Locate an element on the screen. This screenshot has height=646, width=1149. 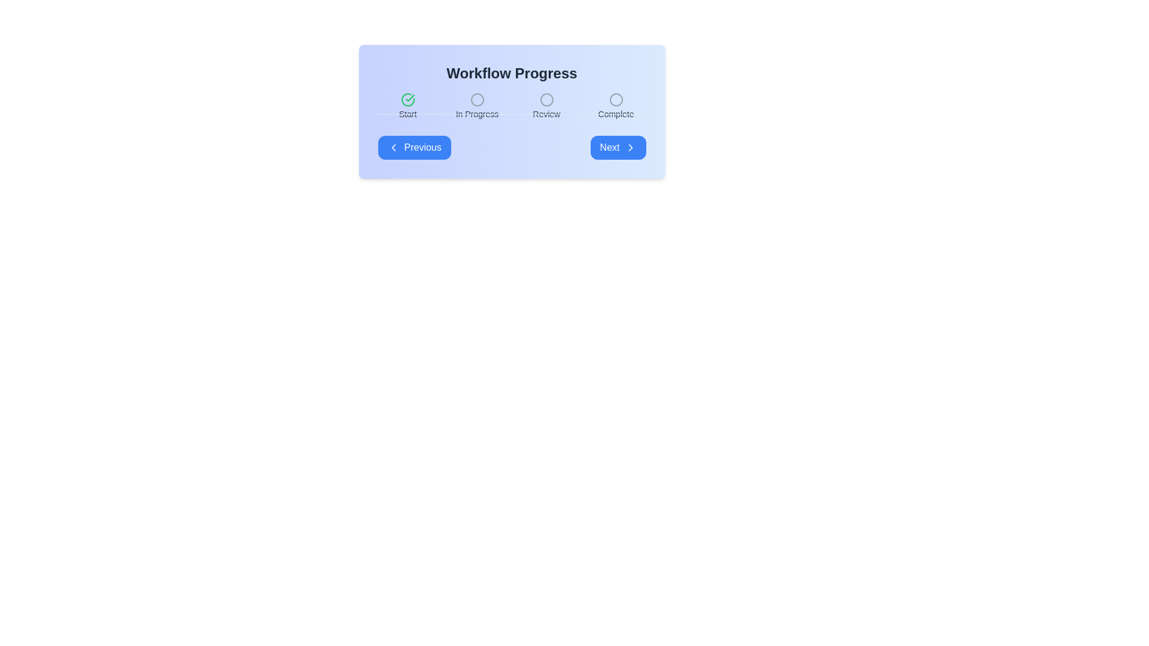
the third visual indicator (SVG Circle) in the workflow progress bar under the 'Review' title, which indicates the current status of the process is located at coordinates (546, 99).